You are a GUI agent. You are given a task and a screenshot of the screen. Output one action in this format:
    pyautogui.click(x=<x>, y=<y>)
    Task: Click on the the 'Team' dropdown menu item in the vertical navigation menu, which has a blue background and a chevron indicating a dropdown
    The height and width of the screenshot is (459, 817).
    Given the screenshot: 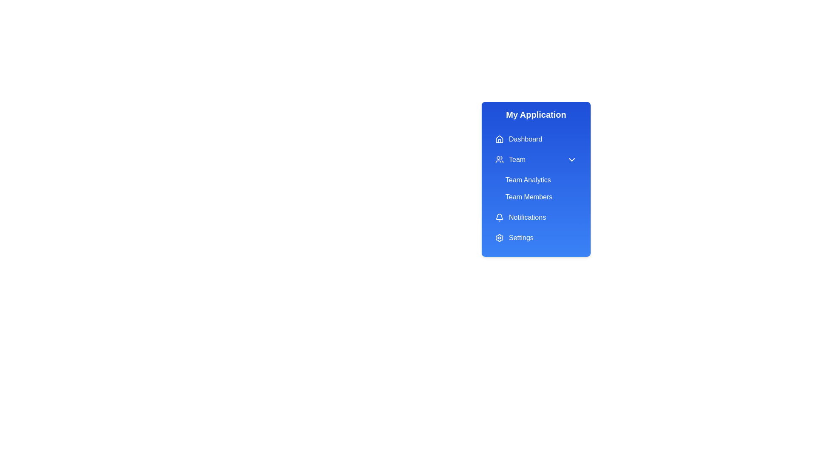 What is the action you would take?
    pyautogui.click(x=535, y=159)
    